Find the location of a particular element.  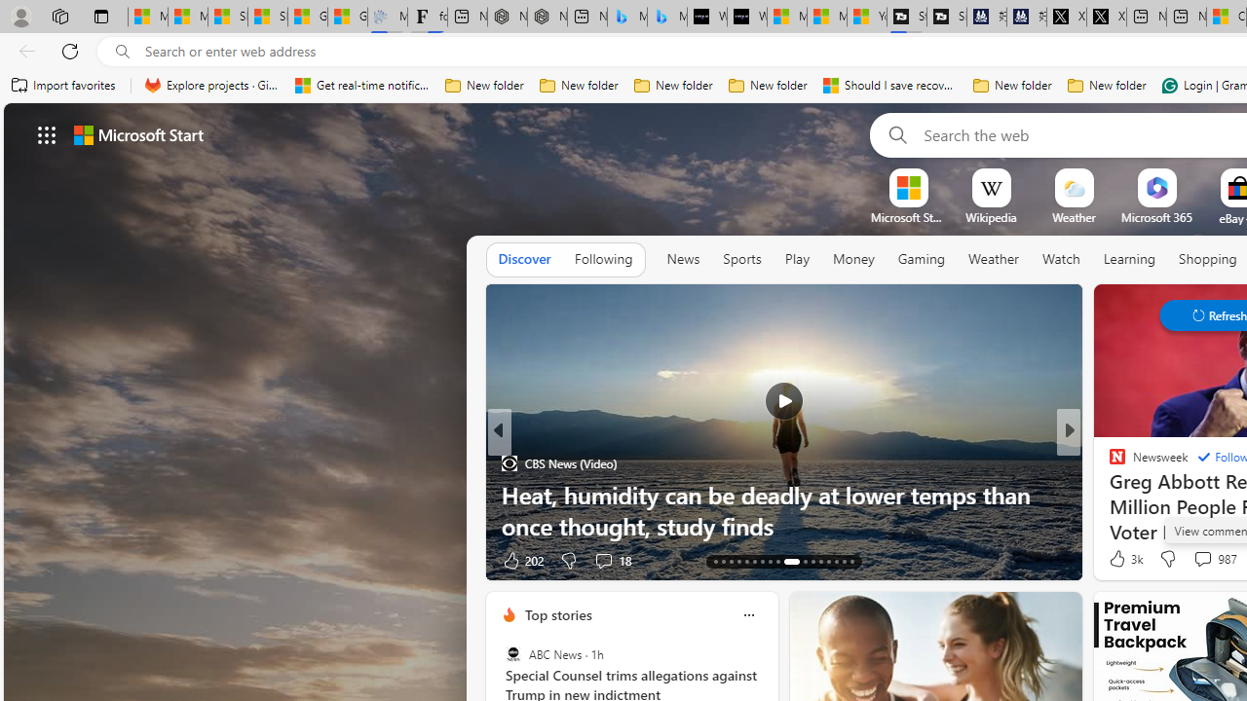

'Following' is located at coordinates (602, 258).